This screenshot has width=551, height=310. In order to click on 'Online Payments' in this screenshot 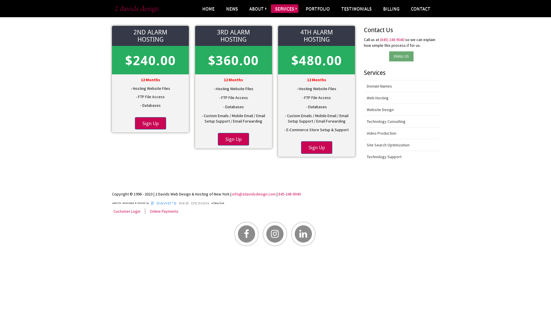, I will do `click(164, 211)`.